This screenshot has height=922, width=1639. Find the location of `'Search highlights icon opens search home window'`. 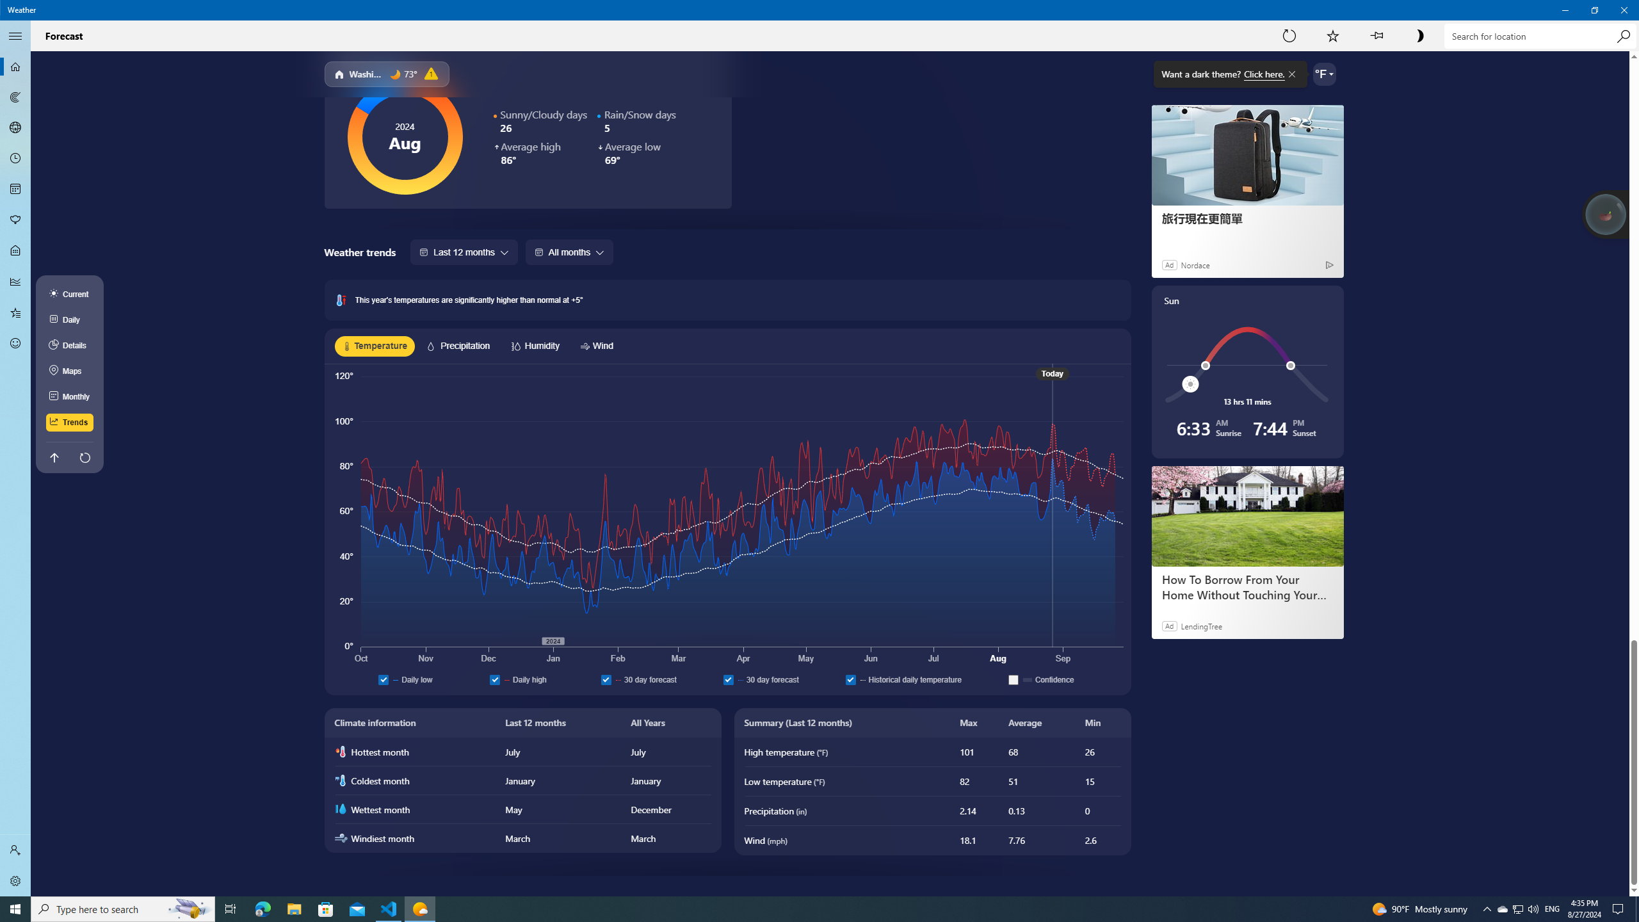

'Search highlights icon opens search home window' is located at coordinates (188, 908).